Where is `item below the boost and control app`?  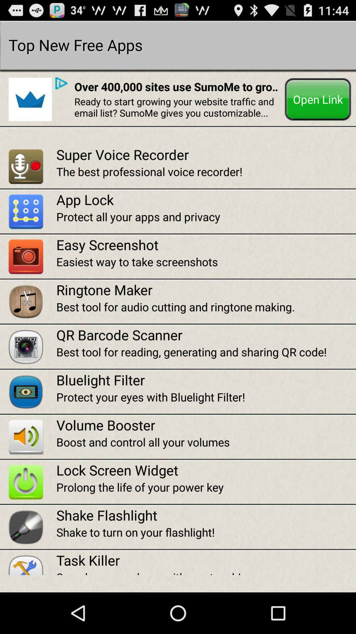
item below the boost and control app is located at coordinates (206, 470).